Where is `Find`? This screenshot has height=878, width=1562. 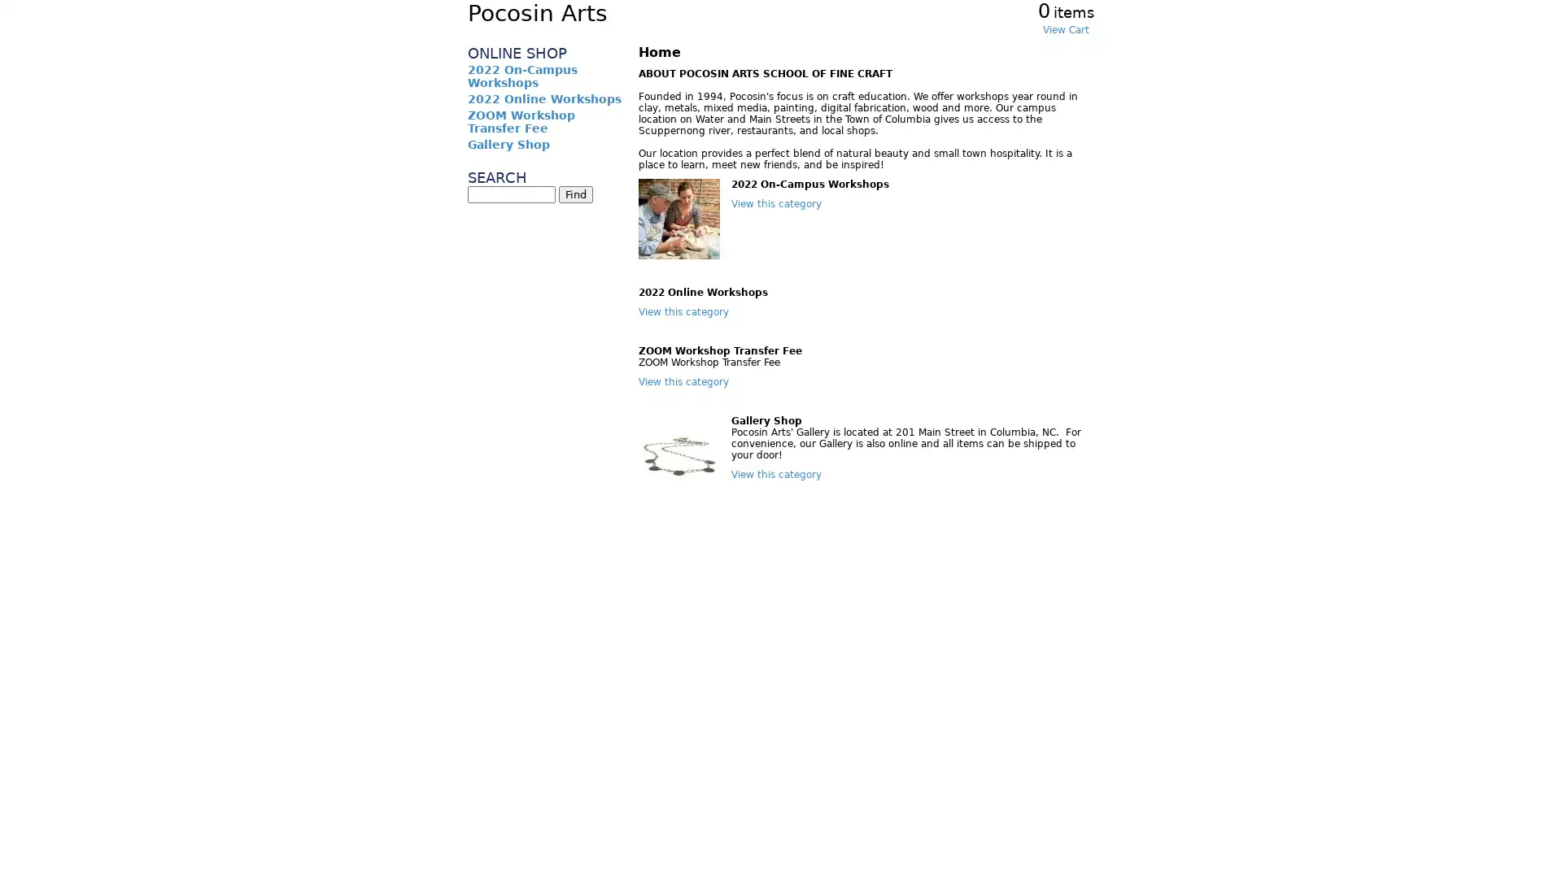
Find is located at coordinates (576, 193).